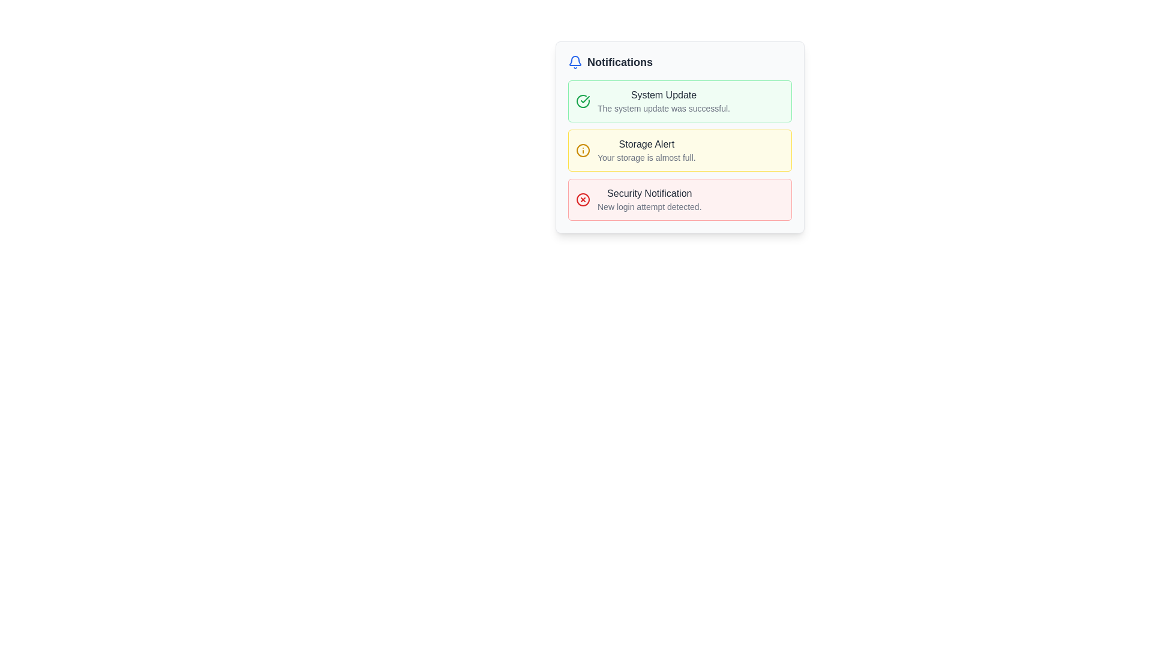 This screenshot has width=1152, height=648. Describe the element at coordinates (680, 136) in the screenshot. I see `the Notification item that informs the user about a pending storage-related issue, which is the second item in the group of notifications` at that location.